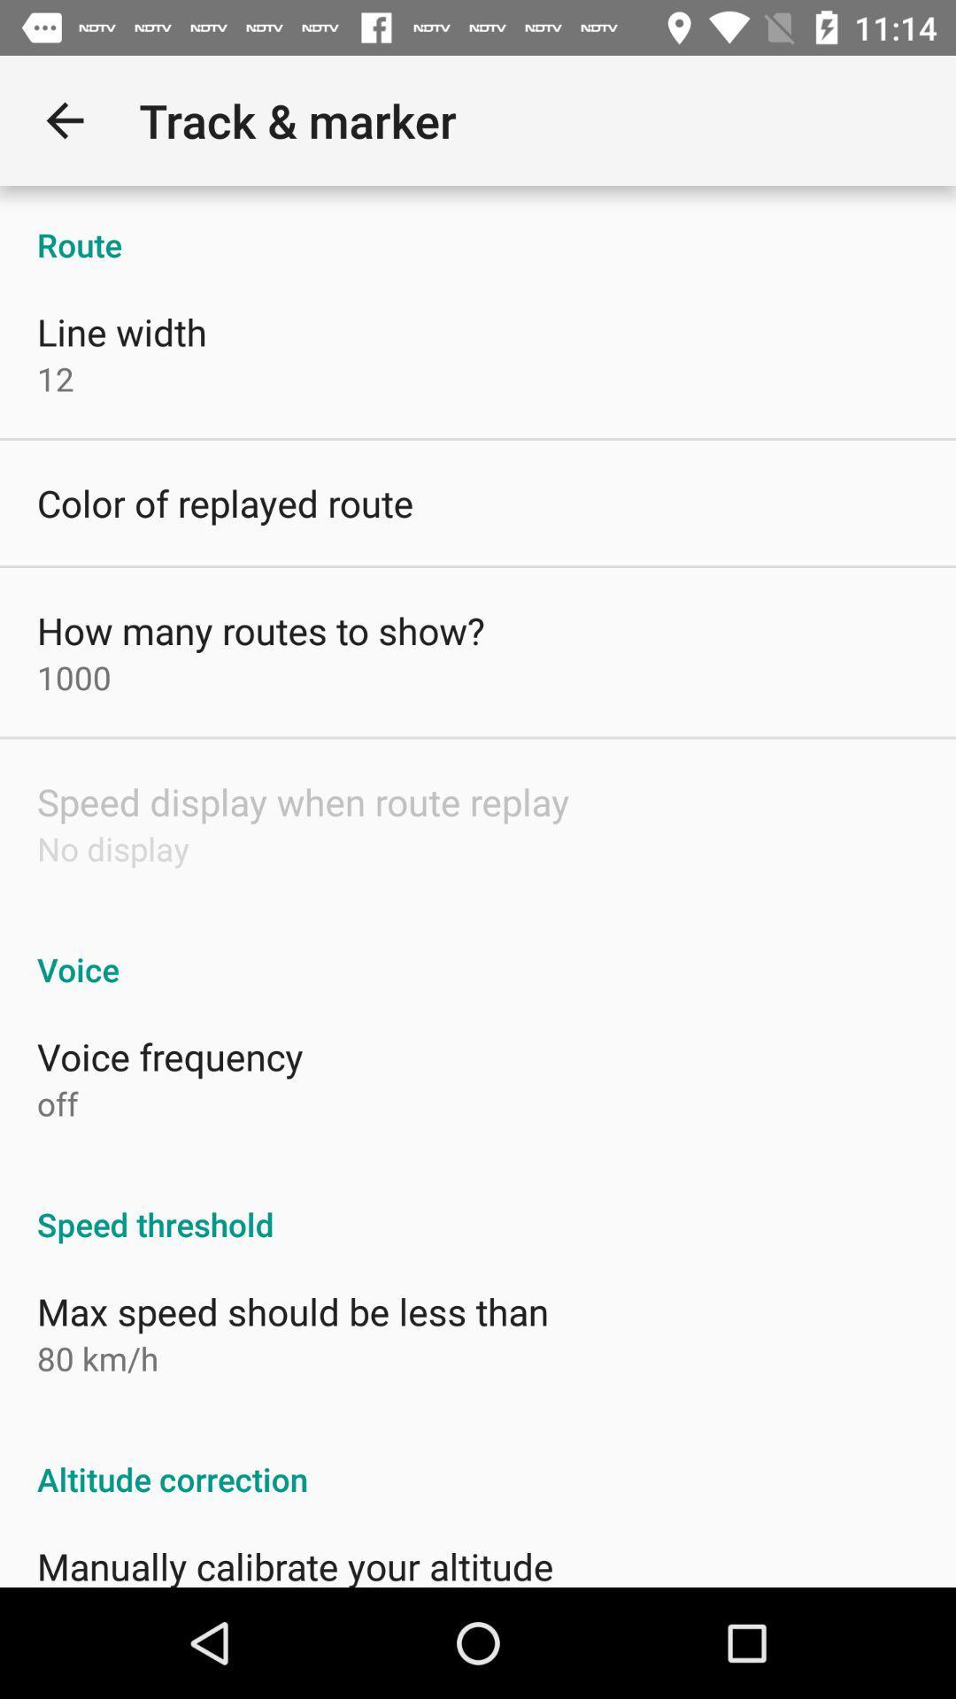 The height and width of the screenshot is (1699, 956). What do you see at coordinates (57, 1103) in the screenshot?
I see `off item` at bounding box center [57, 1103].